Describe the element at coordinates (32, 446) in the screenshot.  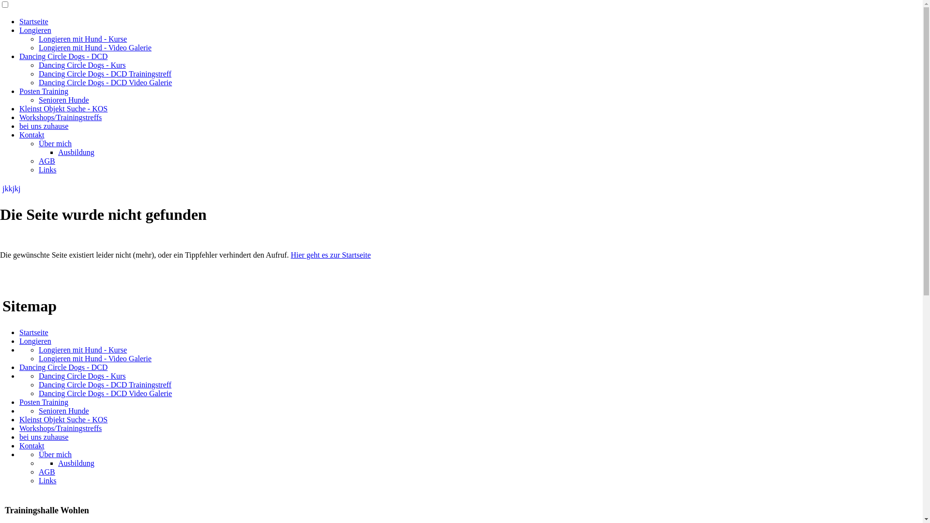
I see `'Kontakt'` at that location.